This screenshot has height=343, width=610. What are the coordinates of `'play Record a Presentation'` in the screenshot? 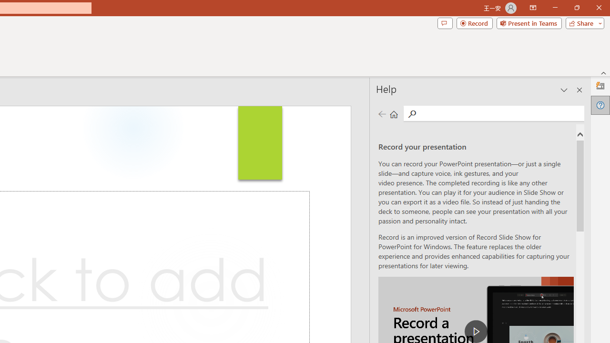 It's located at (476, 331).